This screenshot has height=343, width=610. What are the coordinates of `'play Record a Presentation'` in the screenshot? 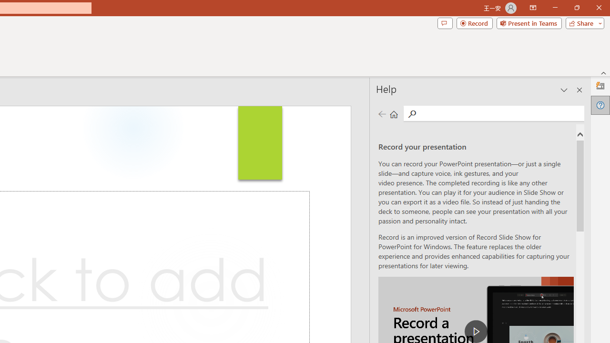 It's located at (476, 331).